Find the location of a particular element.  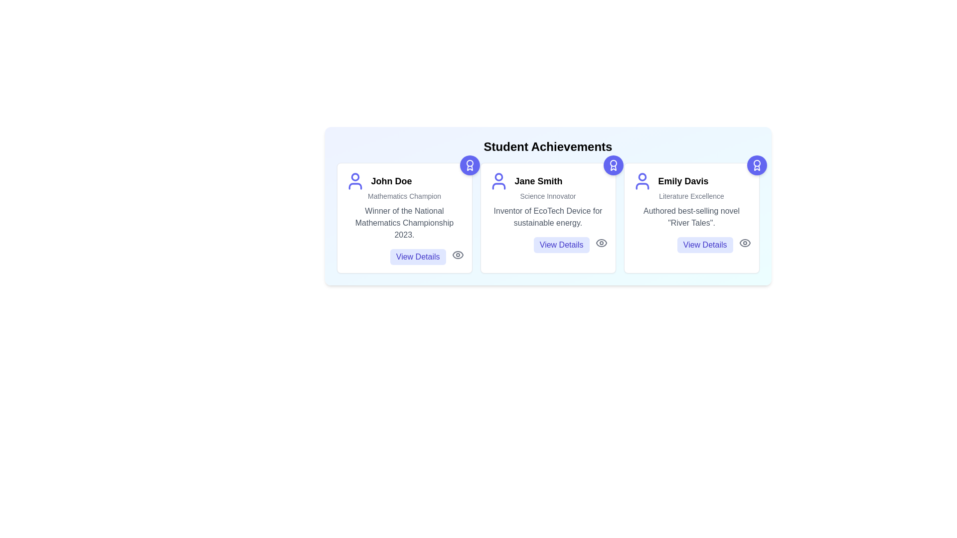

the 'View Details' button for a specific student achievement, identified by the parameter Emily Davis is located at coordinates (704, 245).